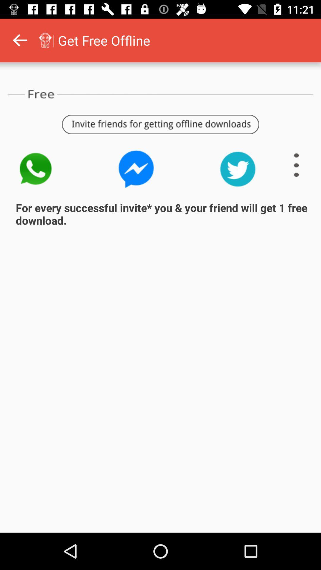 This screenshot has width=321, height=570. I want to click on twitter, so click(237, 169).